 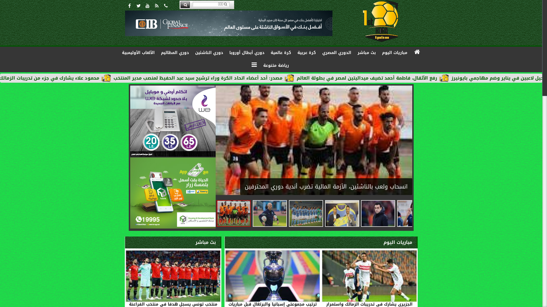 I want to click on 'WE', so click(x=172, y=121).